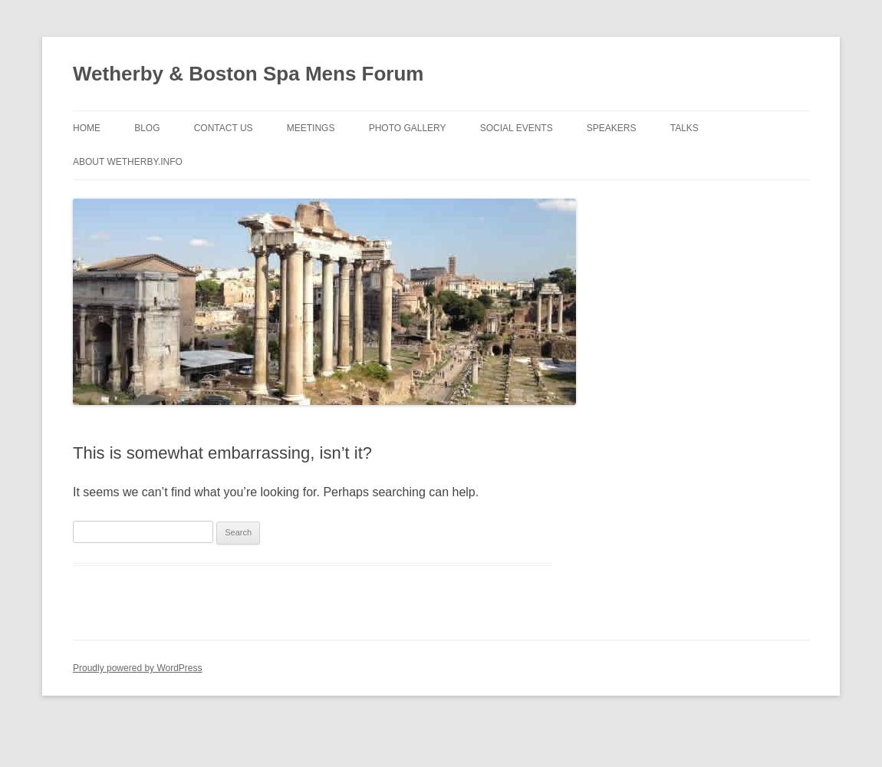 This screenshot has height=767, width=882. Describe the element at coordinates (610, 128) in the screenshot. I see `'Speakers'` at that location.